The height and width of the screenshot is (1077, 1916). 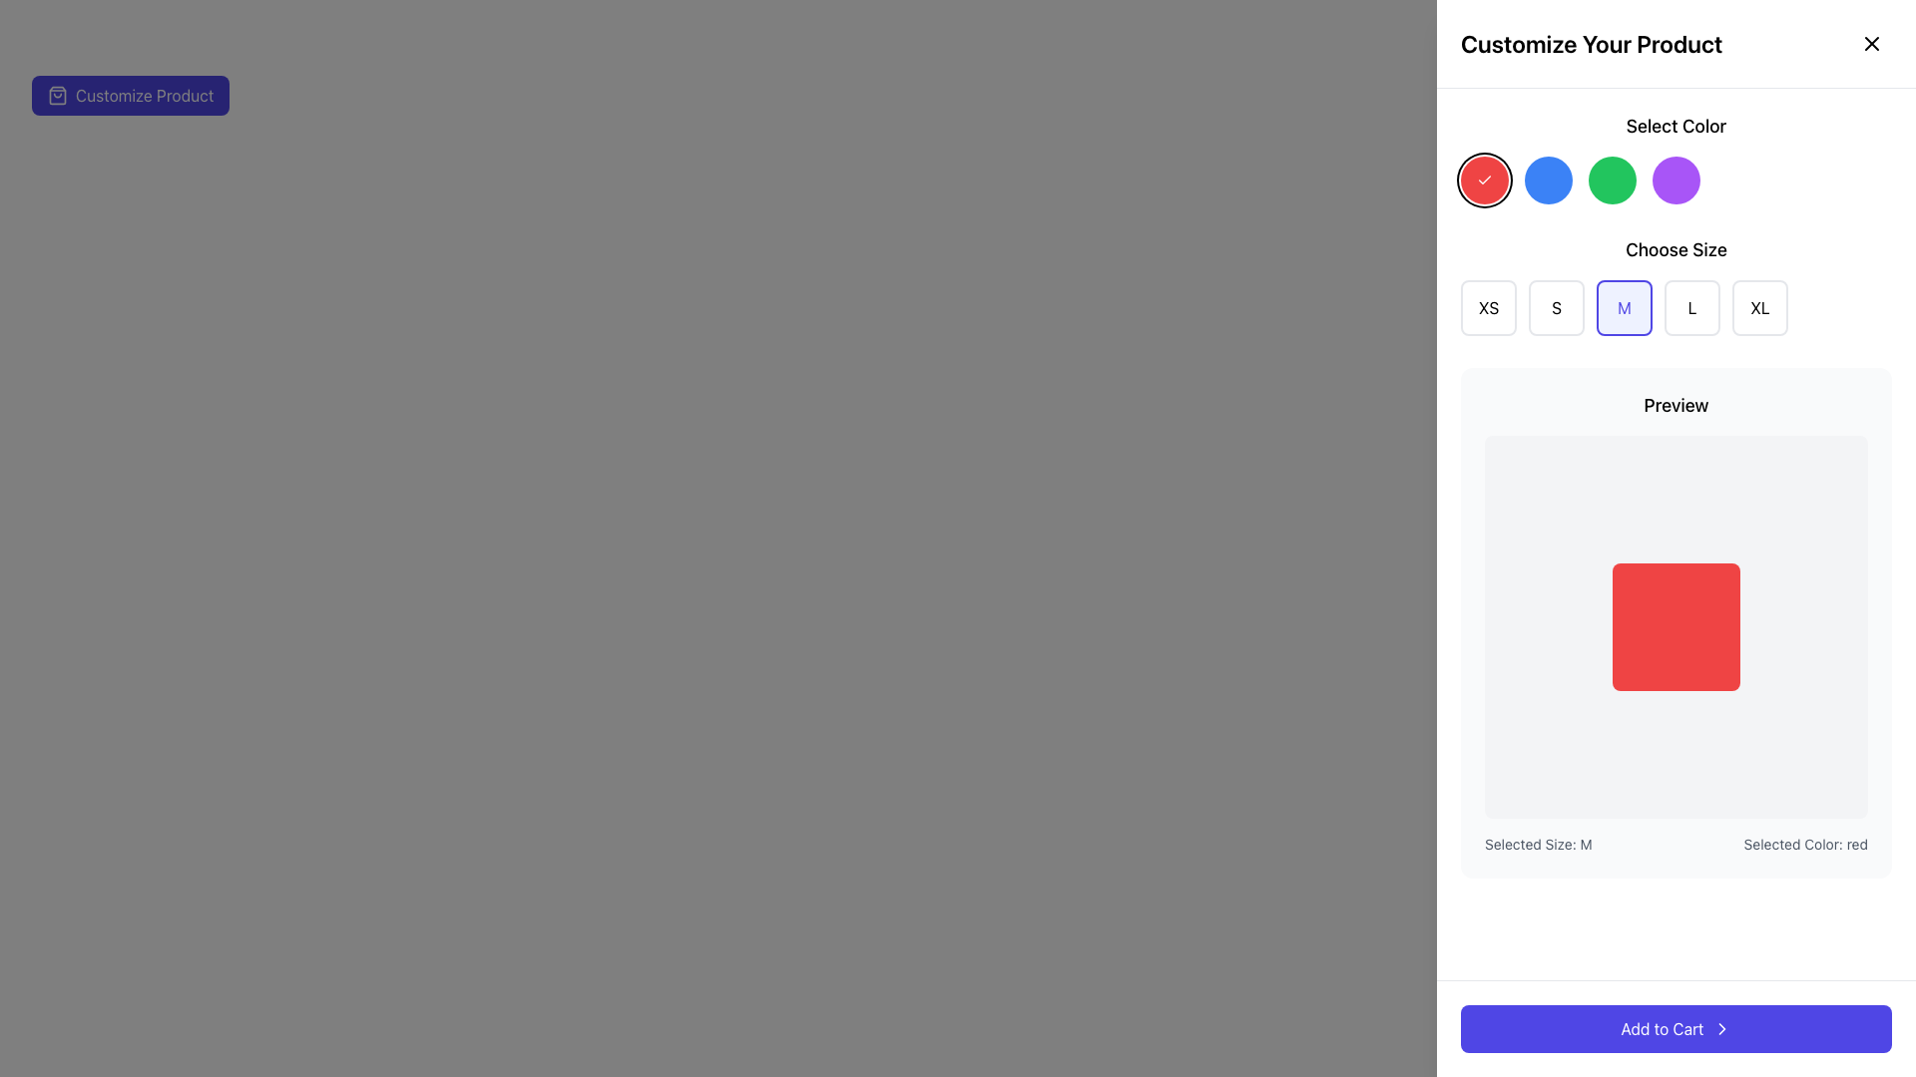 What do you see at coordinates (1676, 307) in the screenshot?
I see `the 'M' size selection button, which is visually emphasized with a bold border and a highlighted background color` at bounding box center [1676, 307].